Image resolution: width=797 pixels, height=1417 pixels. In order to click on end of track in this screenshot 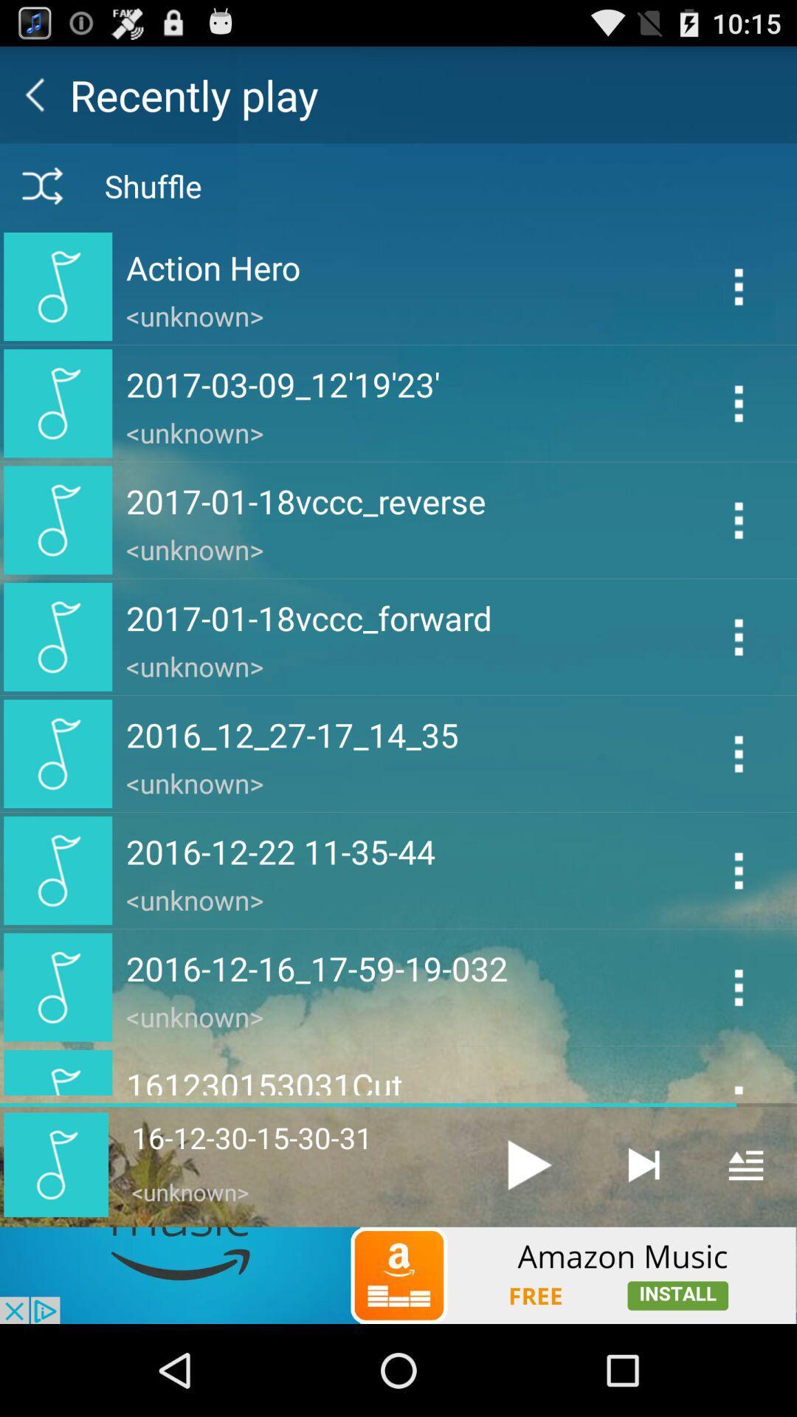, I will do `click(642, 1164)`.